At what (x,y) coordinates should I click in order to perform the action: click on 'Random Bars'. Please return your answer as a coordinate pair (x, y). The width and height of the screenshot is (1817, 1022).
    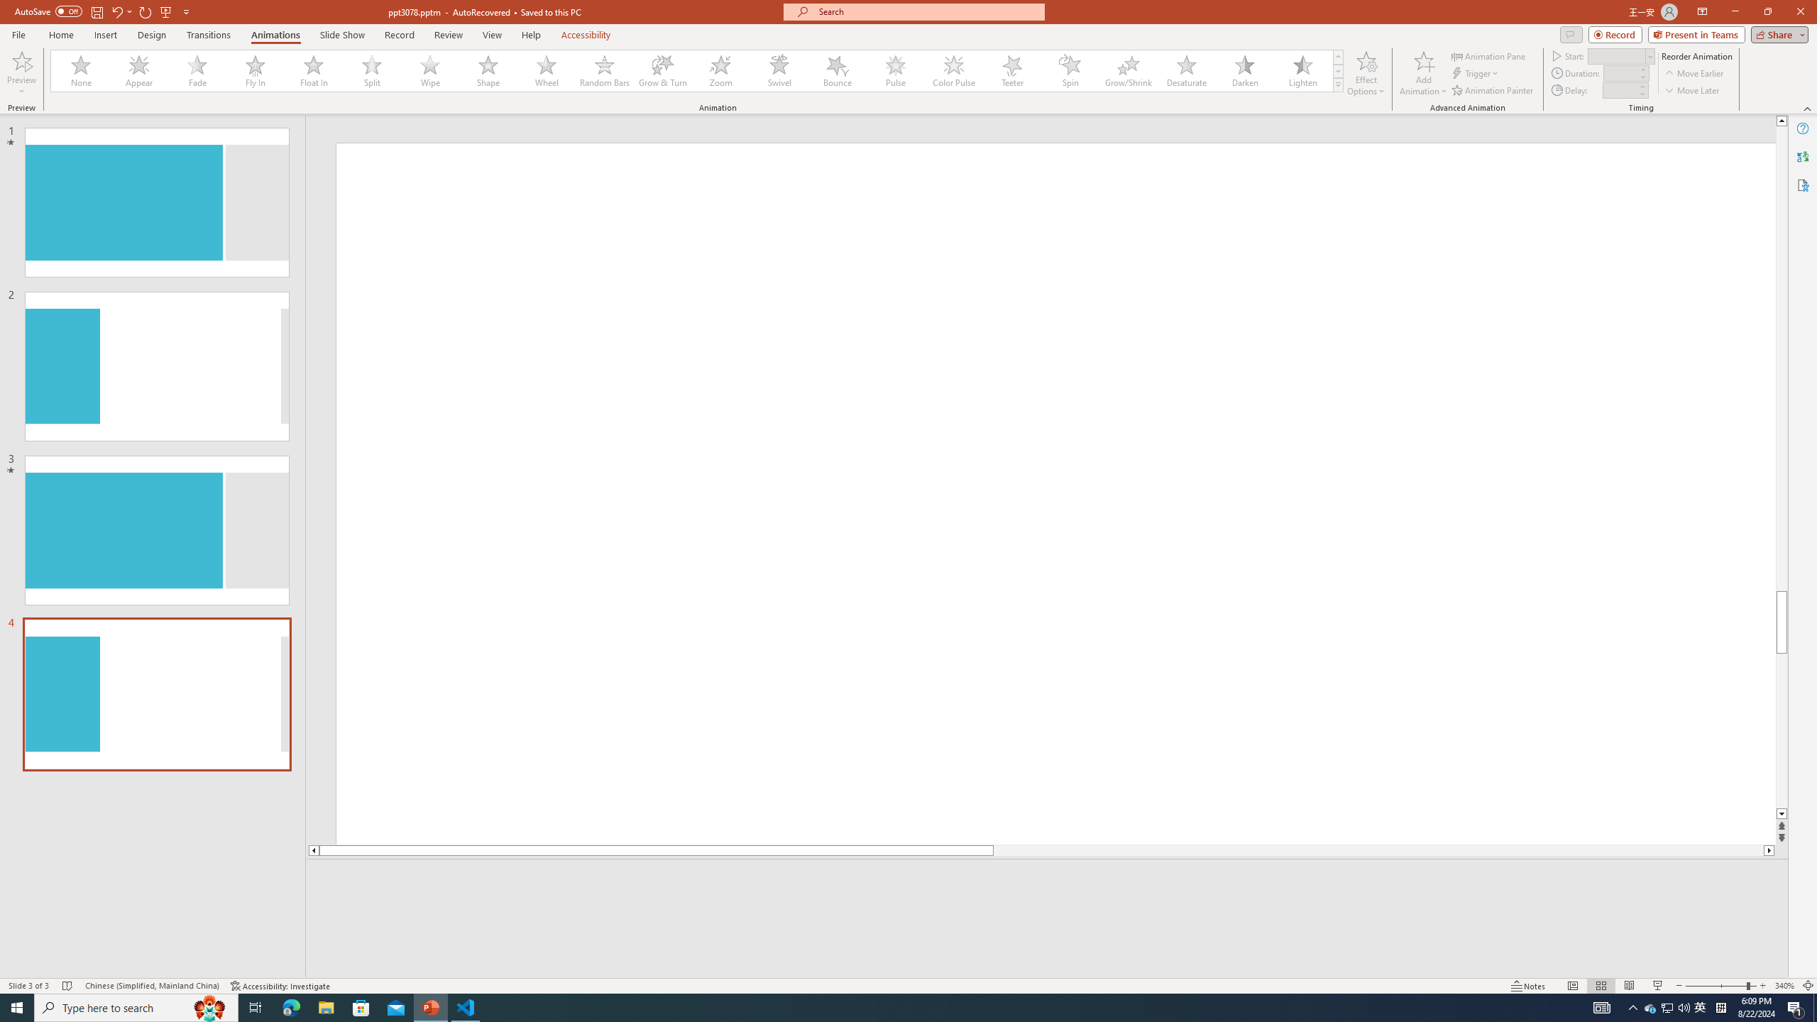
    Looking at the image, I should click on (604, 70).